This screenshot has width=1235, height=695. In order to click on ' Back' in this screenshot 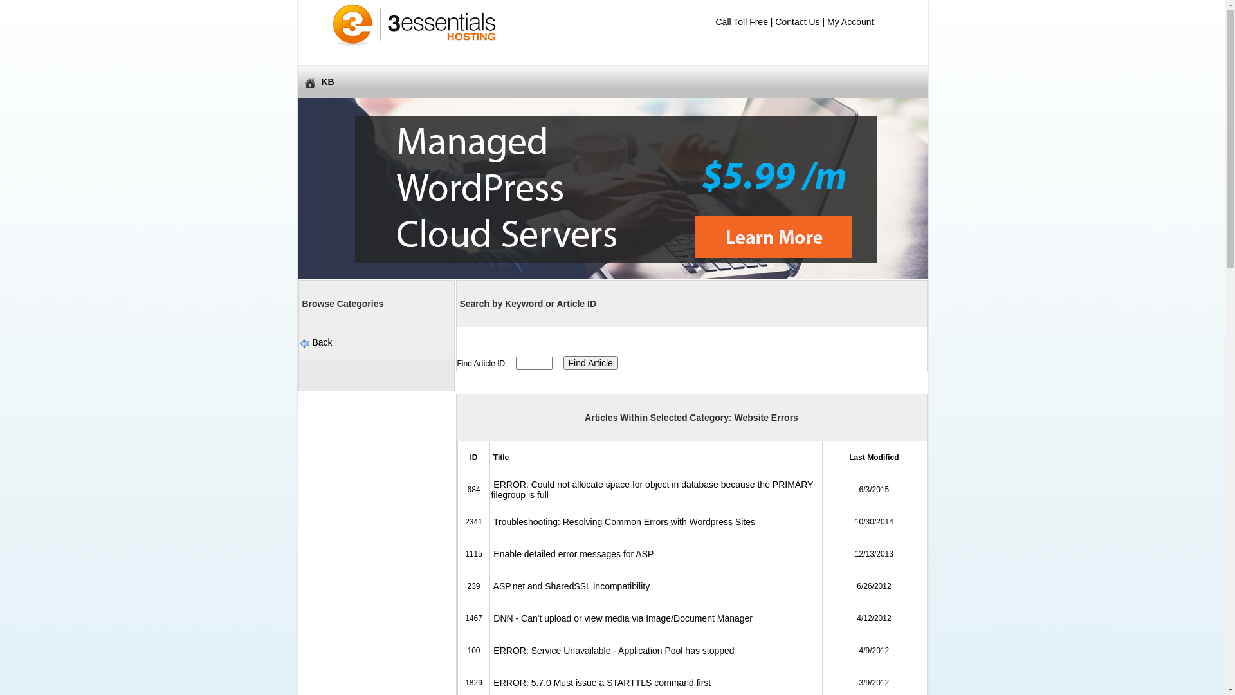, I will do `click(321, 342)`.